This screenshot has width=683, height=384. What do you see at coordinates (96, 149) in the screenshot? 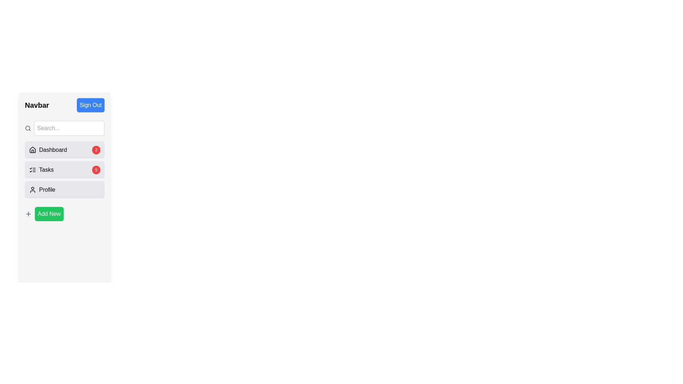
I see `the notification badge located to the far right of the 'Dashboard' menu item, which indicates the number of items or alerts` at bounding box center [96, 149].